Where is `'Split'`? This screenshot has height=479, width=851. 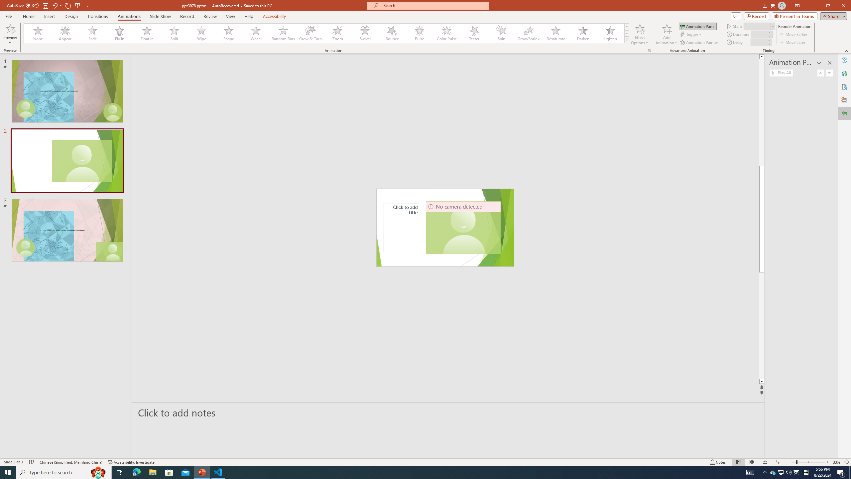 'Split' is located at coordinates (174, 33).